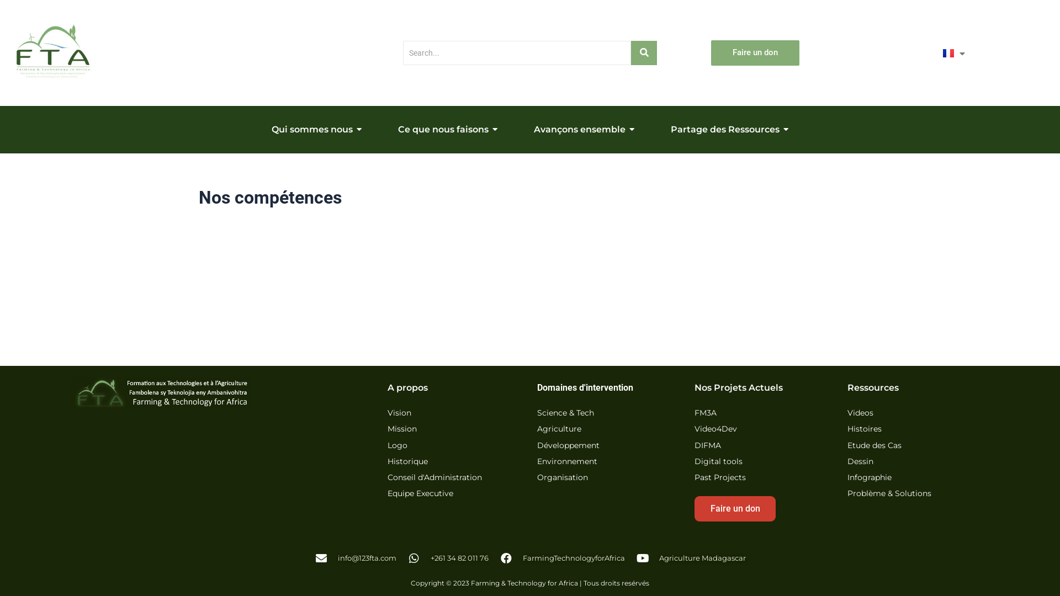  I want to click on 'Infographie', so click(847, 477).